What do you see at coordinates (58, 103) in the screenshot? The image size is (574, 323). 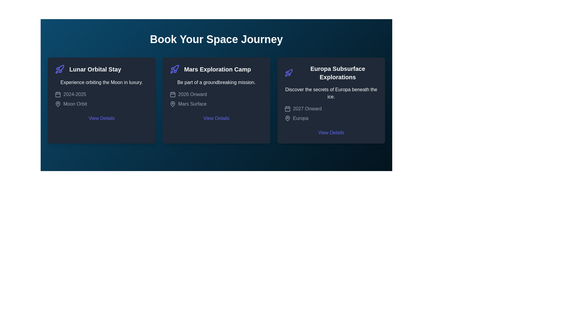 I see `the icon indicating location related to 'Moon Orbit', which is positioned to the left of the text 'Moon Orbit' and beneath '2024-2025'` at bounding box center [58, 103].